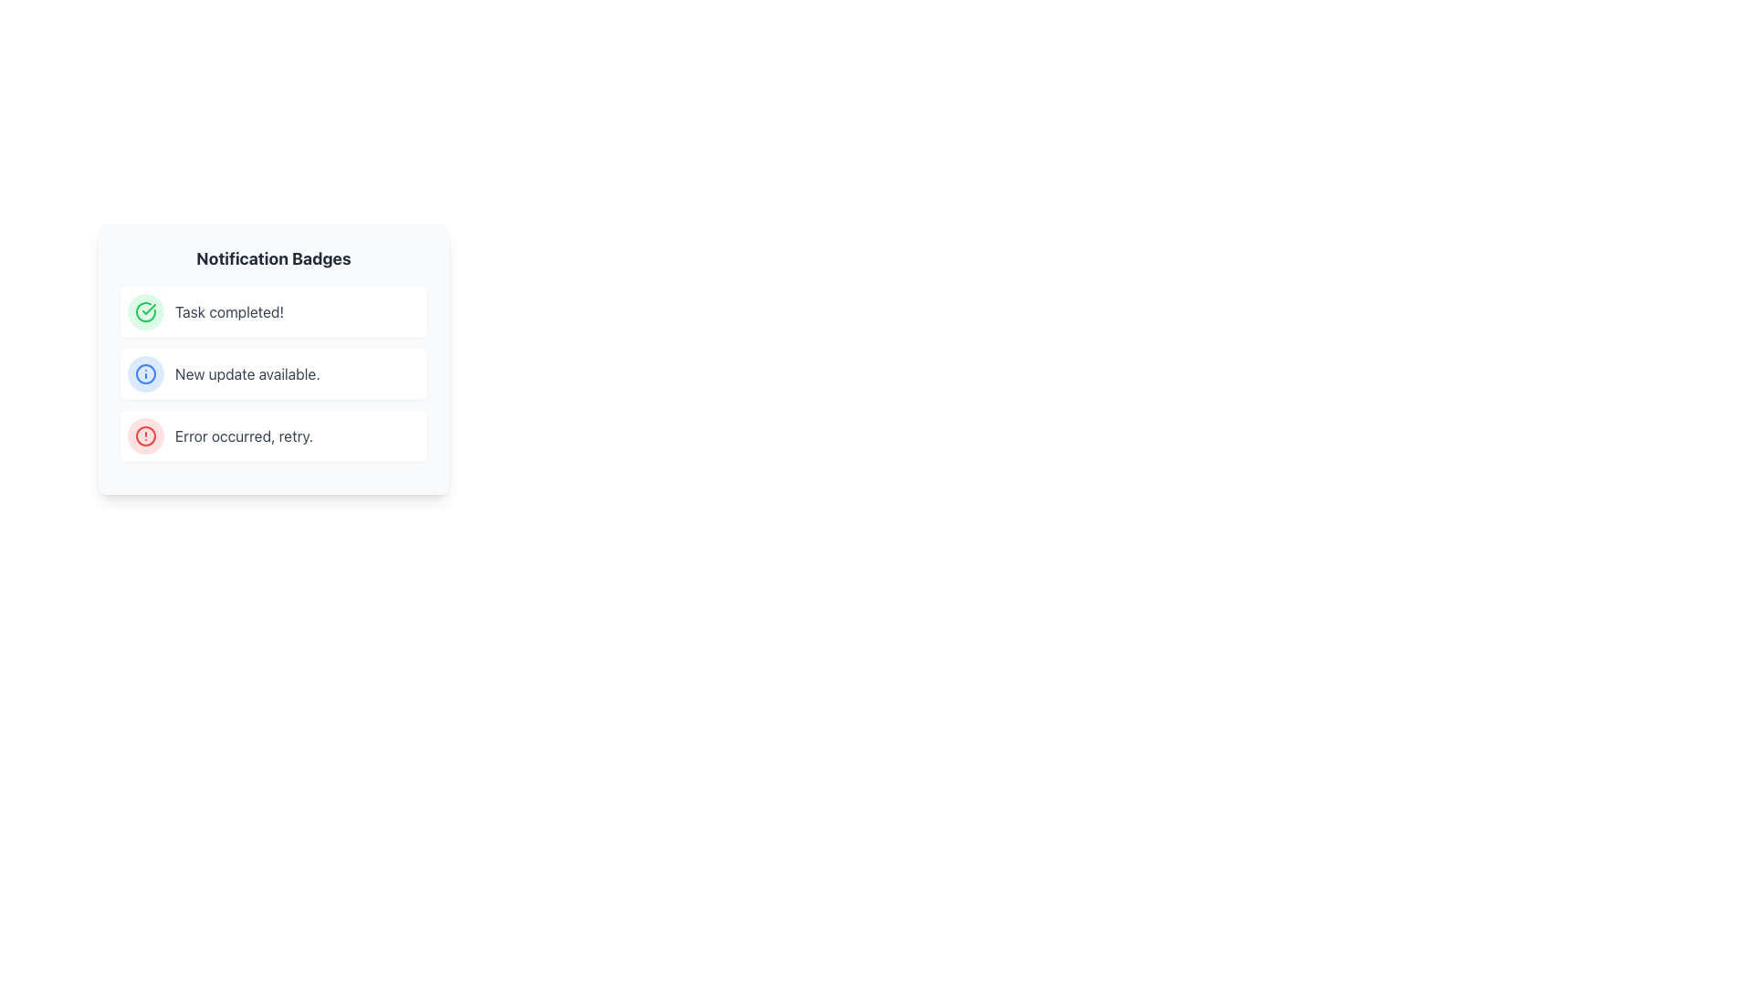 The height and width of the screenshot is (986, 1753). I want to click on the circular green checkmark icon, which represents success, located, so click(144, 311).